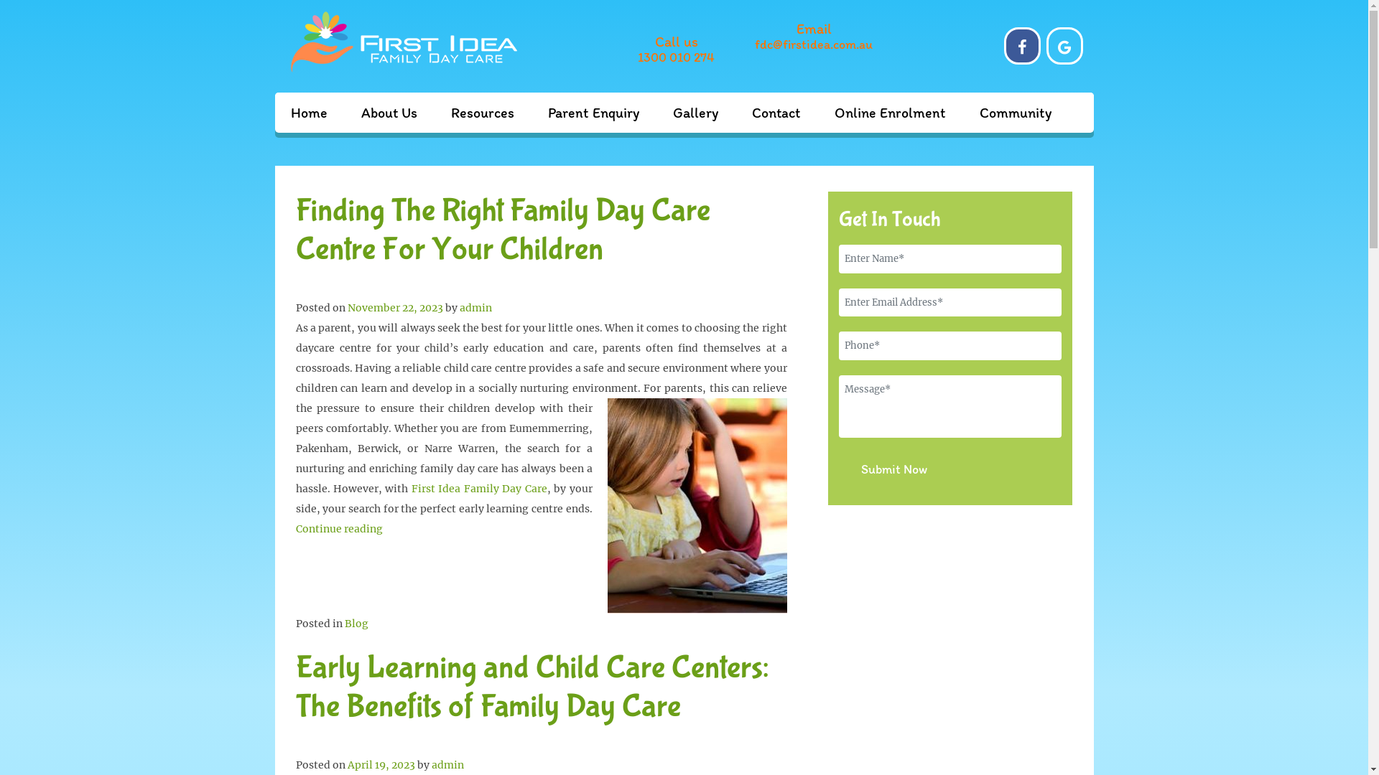 This screenshot has width=1379, height=775. What do you see at coordinates (483, 112) in the screenshot?
I see `'Resources'` at bounding box center [483, 112].